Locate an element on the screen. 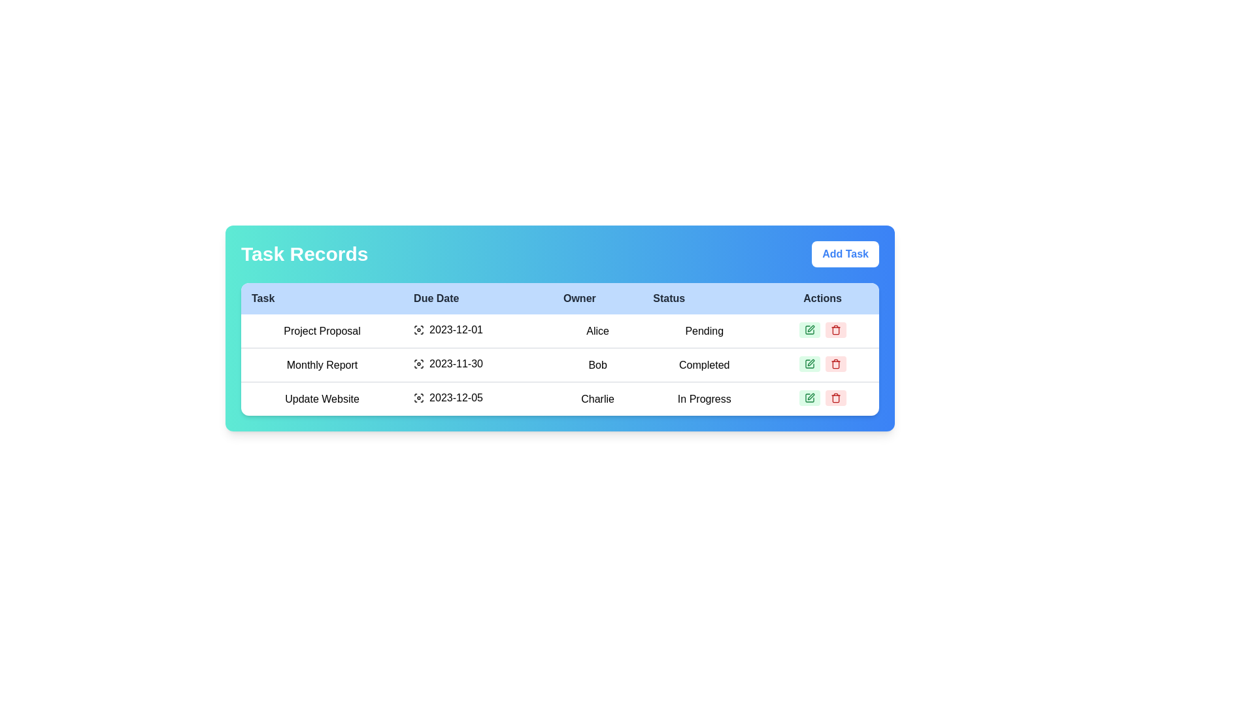  displayed date '2023-11-30' from the Date display in the 'Due Date' column, which is styled with black text on a white background and is adjacent to a small icon is located at coordinates (477, 363).